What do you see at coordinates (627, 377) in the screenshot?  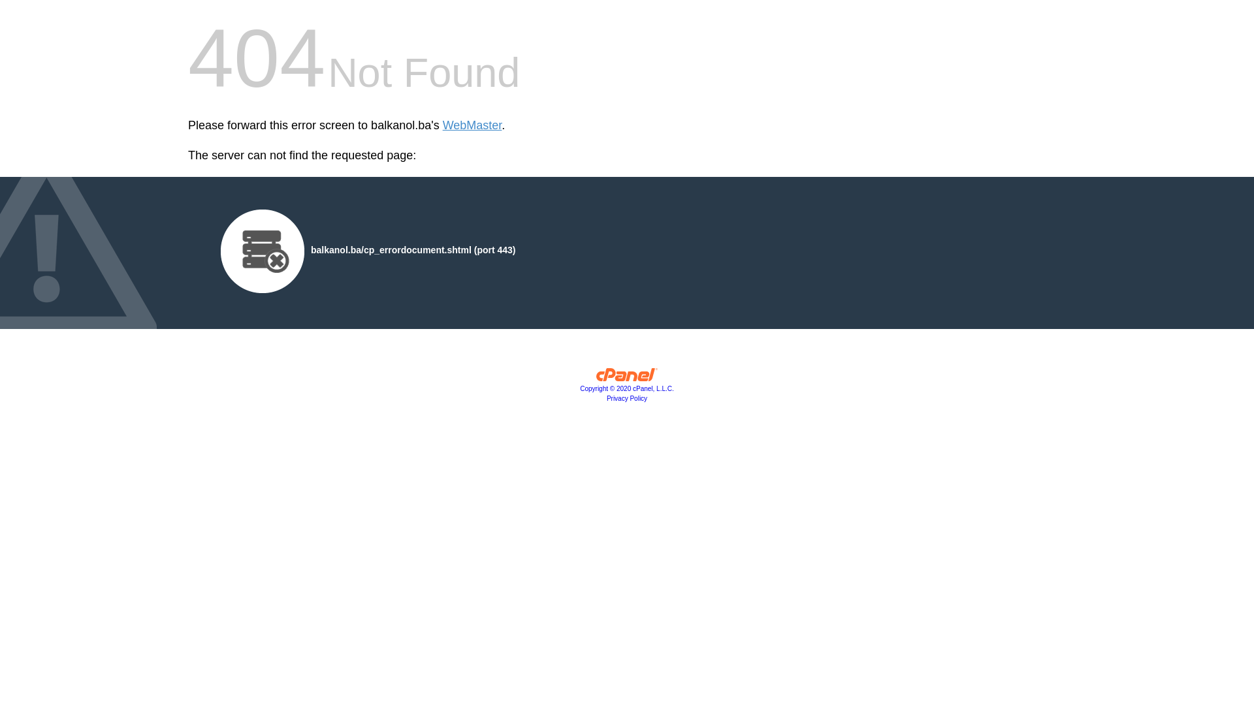 I see `'cPanel, Inc.'` at bounding box center [627, 377].